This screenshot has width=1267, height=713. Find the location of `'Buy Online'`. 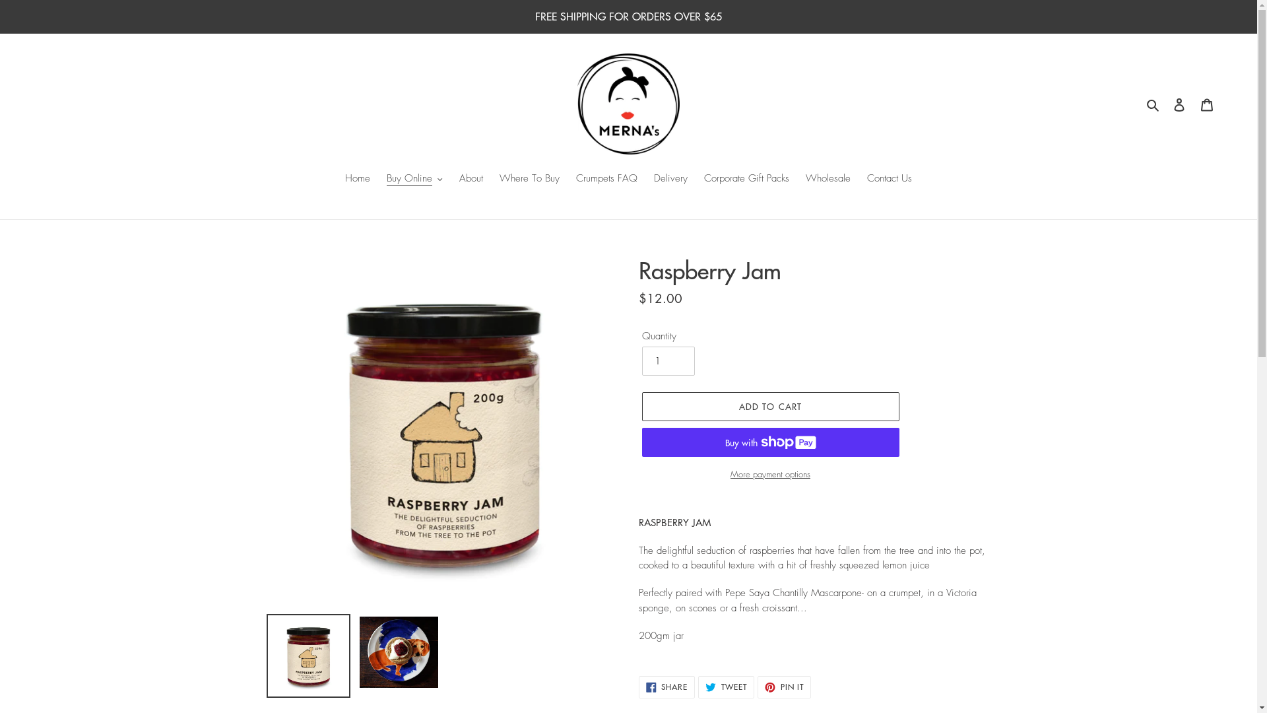

'Buy Online' is located at coordinates (414, 180).